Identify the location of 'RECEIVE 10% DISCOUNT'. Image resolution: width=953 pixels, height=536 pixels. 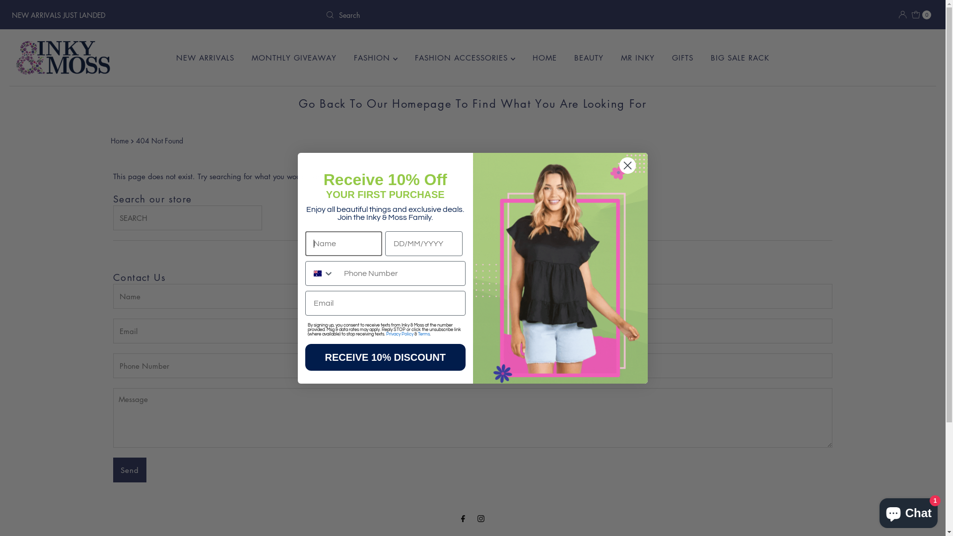
(385, 356).